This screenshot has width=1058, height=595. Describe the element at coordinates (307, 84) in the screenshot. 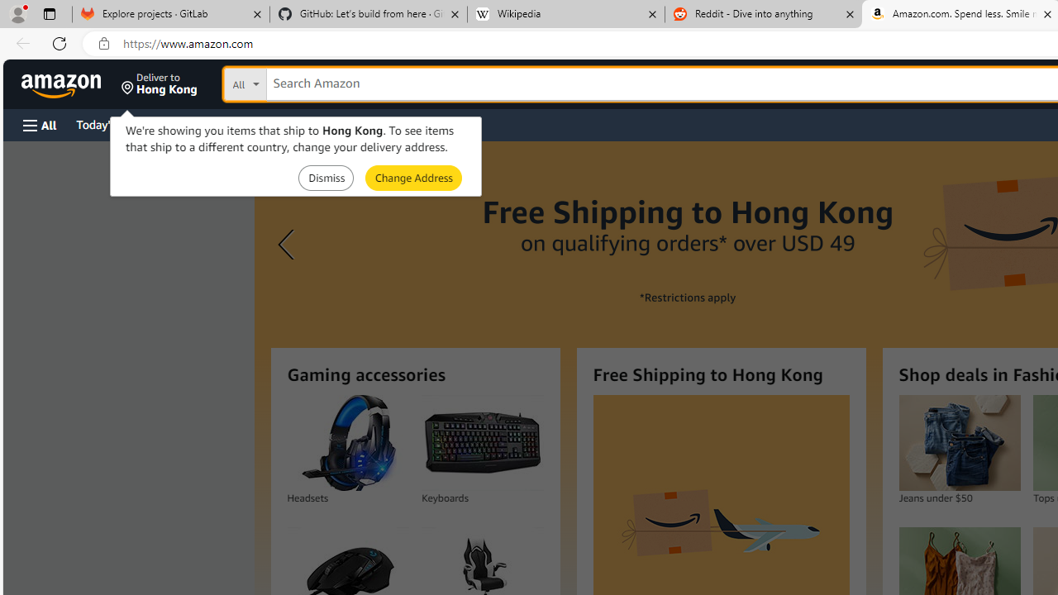

I see `'Search in'` at that location.